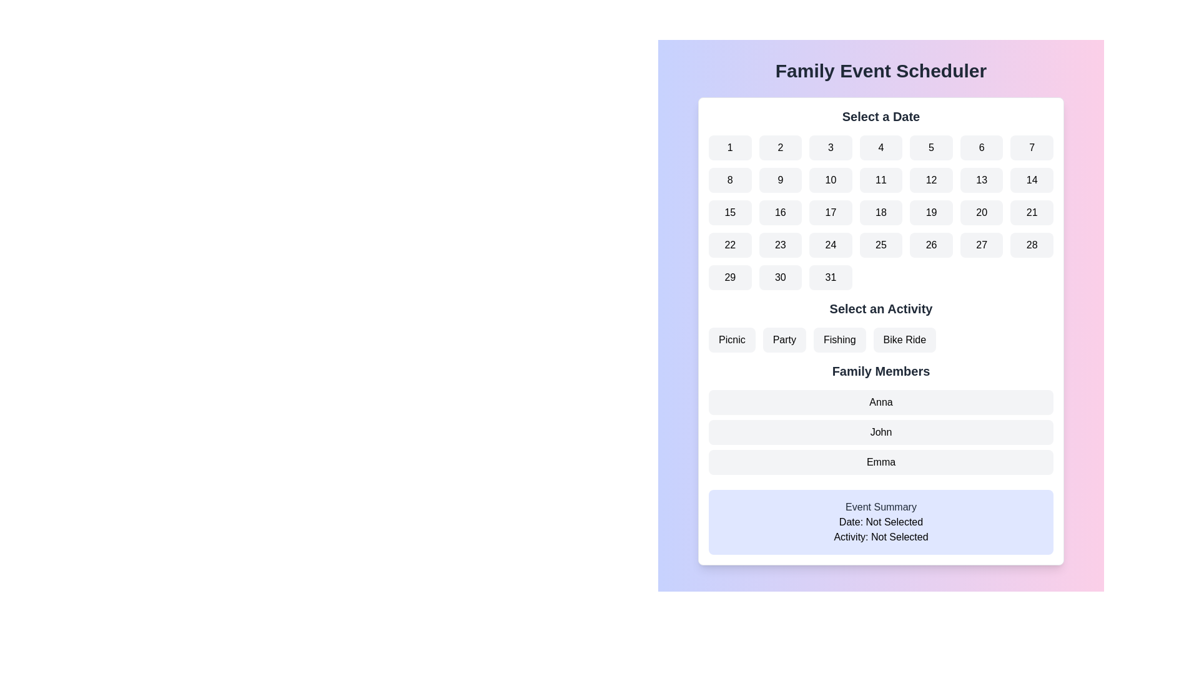 This screenshot has height=674, width=1199. Describe the element at coordinates (730, 245) in the screenshot. I see `the calendar date selection button for the 22nd day to confirm the selection` at that location.